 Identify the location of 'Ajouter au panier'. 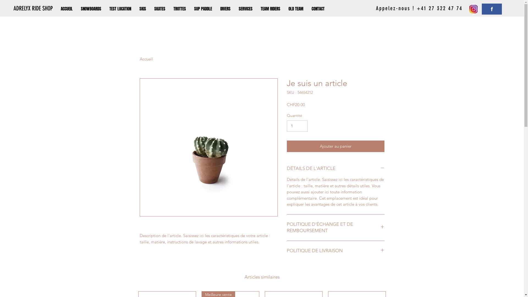
(335, 146).